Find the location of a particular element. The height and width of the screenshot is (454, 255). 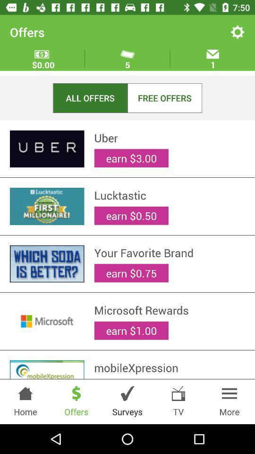

the item next to all offers is located at coordinates (164, 98).